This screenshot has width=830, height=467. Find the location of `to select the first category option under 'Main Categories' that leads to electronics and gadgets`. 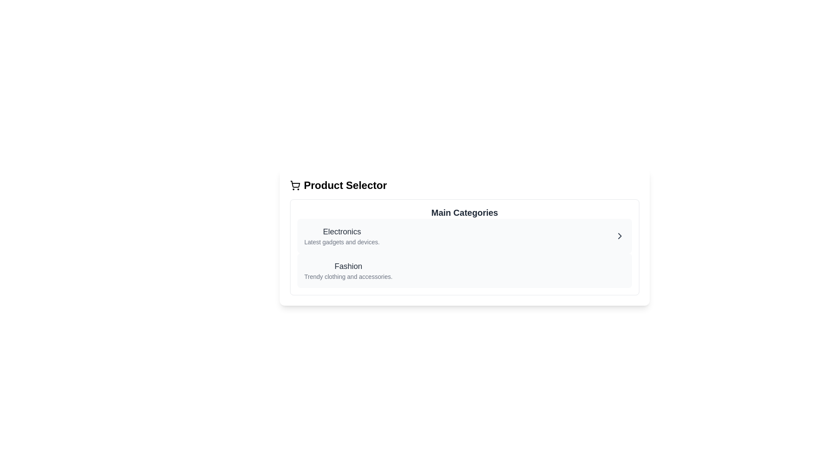

to select the first category option under 'Main Categories' that leads to electronics and gadgets is located at coordinates (464, 236).